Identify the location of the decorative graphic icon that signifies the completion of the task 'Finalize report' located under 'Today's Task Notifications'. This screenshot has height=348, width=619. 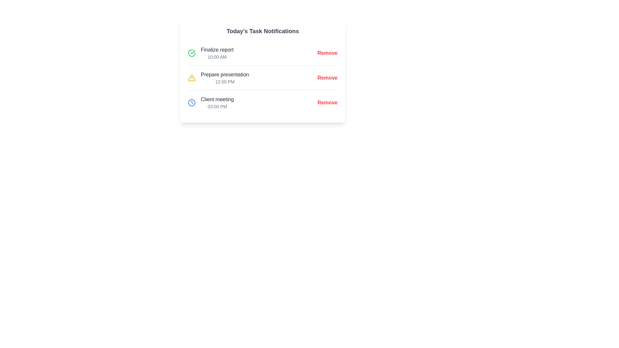
(192, 52).